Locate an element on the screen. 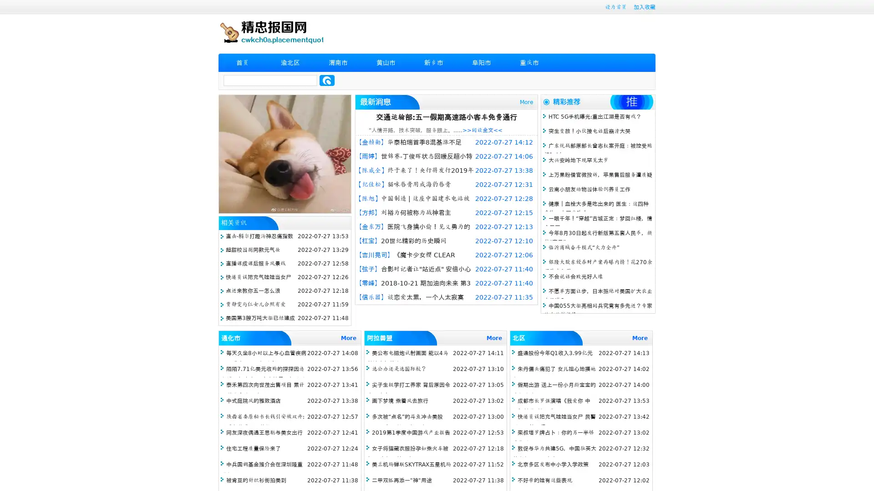 The height and width of the screenshot is (491, 874). Search is located at coordinates (327, 80).